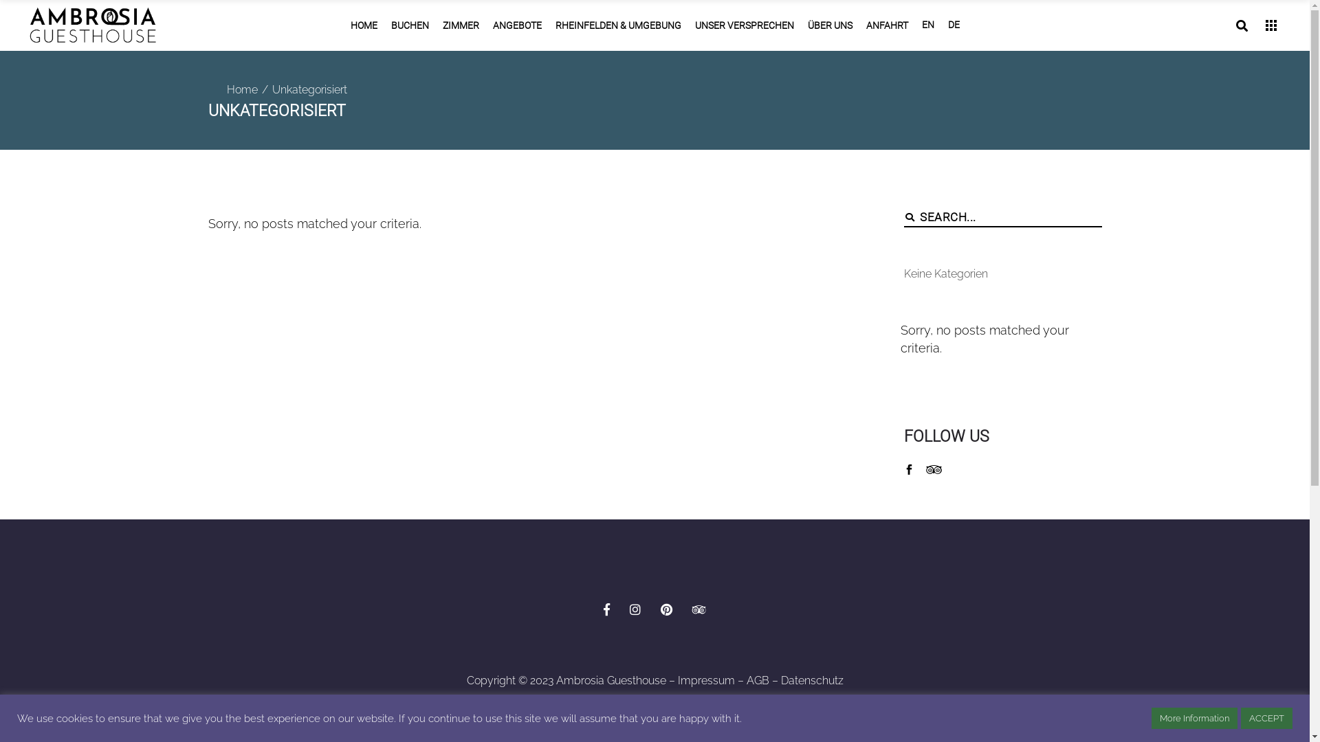 The image size is (1320, 742). Describe the element at coordinates (617, 25) in the screenshot. I see `'RHEINFELDEN & UMGEBUNG'` at that location.